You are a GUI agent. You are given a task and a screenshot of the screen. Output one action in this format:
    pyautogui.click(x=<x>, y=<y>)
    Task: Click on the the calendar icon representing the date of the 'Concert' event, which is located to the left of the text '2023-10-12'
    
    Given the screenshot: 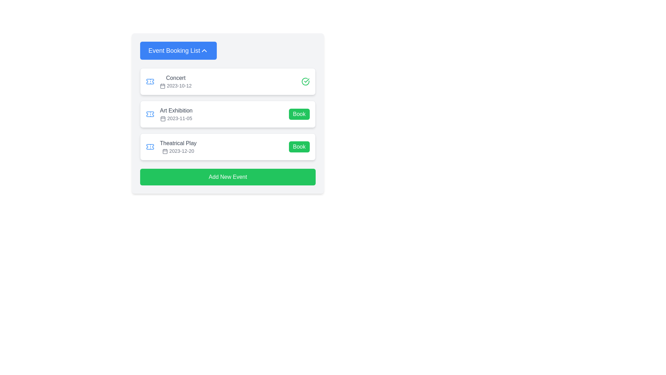 What is the action you would take?
    pyautogui.click(x=162, y=85)
    